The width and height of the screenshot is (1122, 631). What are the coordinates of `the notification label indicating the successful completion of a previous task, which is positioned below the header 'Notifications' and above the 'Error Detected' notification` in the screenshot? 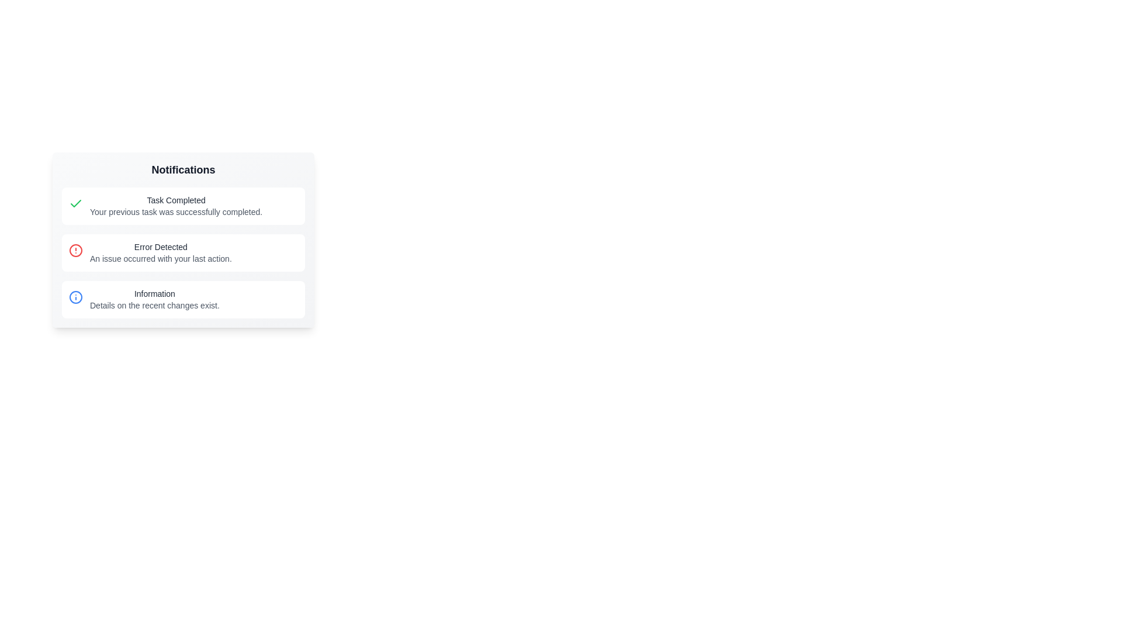 It's located at (175, 206).